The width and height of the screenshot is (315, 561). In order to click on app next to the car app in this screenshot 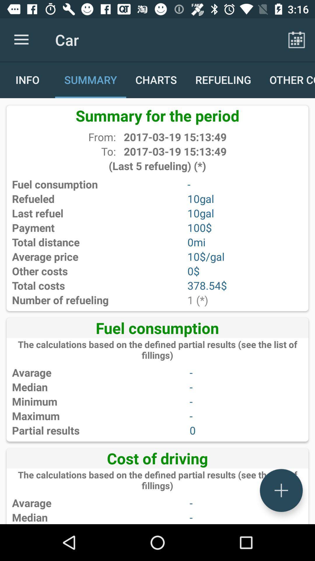, I will do `click(21, 39)`.